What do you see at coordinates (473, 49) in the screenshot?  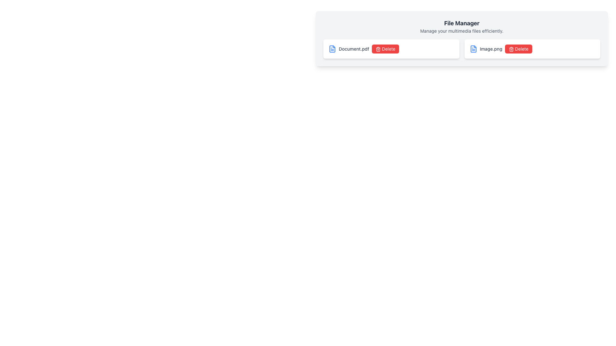 I see `the blue document icon located to the left of the 'Image.png' text in the file manager interface` at bounding box center [473, 49].